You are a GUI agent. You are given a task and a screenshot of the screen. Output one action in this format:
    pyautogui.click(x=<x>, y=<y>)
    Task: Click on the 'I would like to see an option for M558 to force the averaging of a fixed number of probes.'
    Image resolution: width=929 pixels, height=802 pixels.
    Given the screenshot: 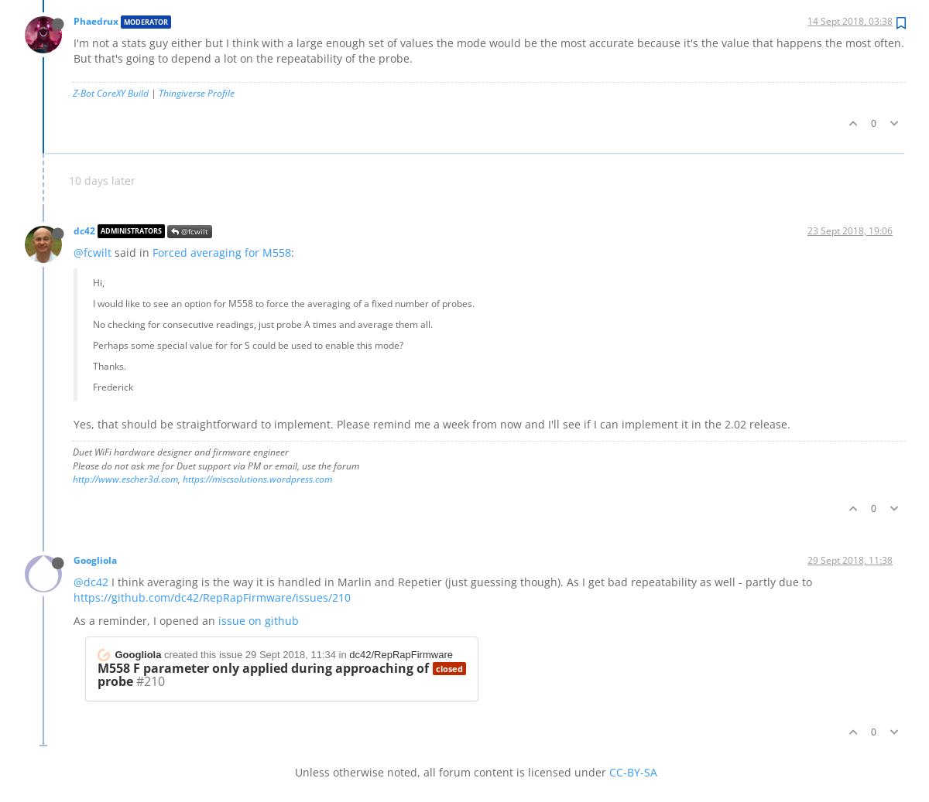 What is the action you would take?
    pyautogui.click(x=283, y=302)
    